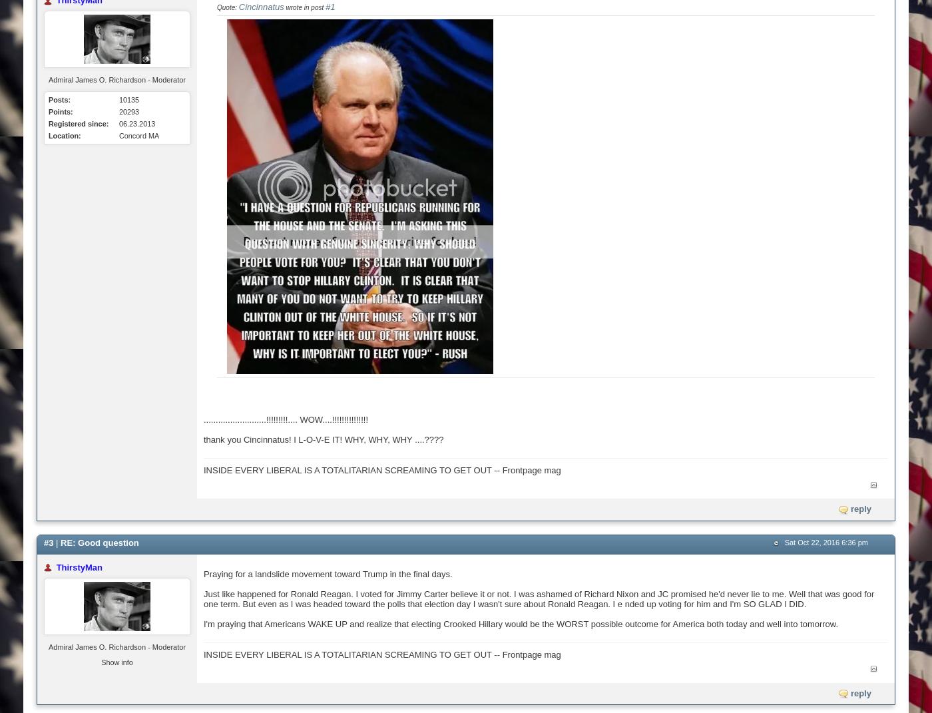 The height and width of the screenshot is (713, 932). Describe the element at coordinates (825, 541) in the screenshot. I see `'Sat Oct 22, 2016 6:36 pm'` at that location.